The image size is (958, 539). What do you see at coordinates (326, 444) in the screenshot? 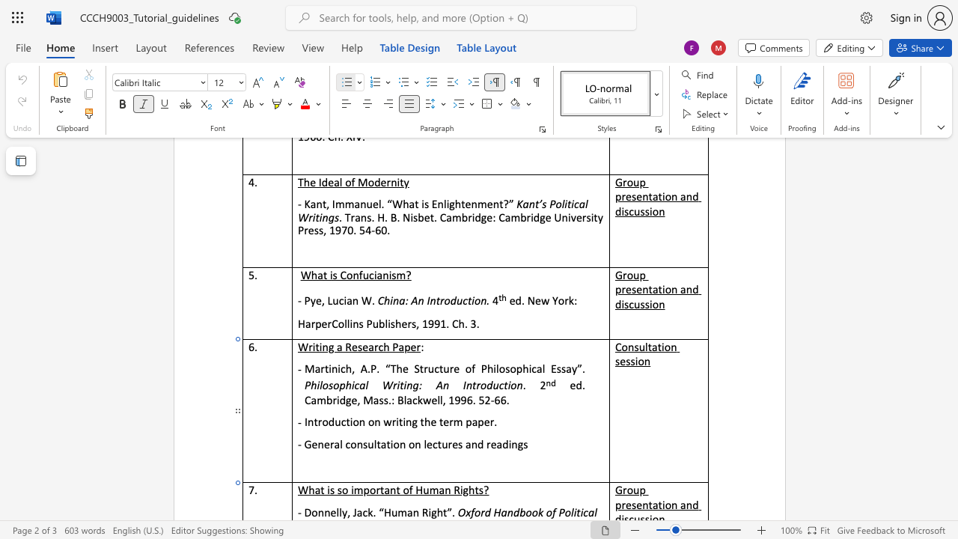
I see `the 2th character "e" in the text` at bounding box center [326, 444].